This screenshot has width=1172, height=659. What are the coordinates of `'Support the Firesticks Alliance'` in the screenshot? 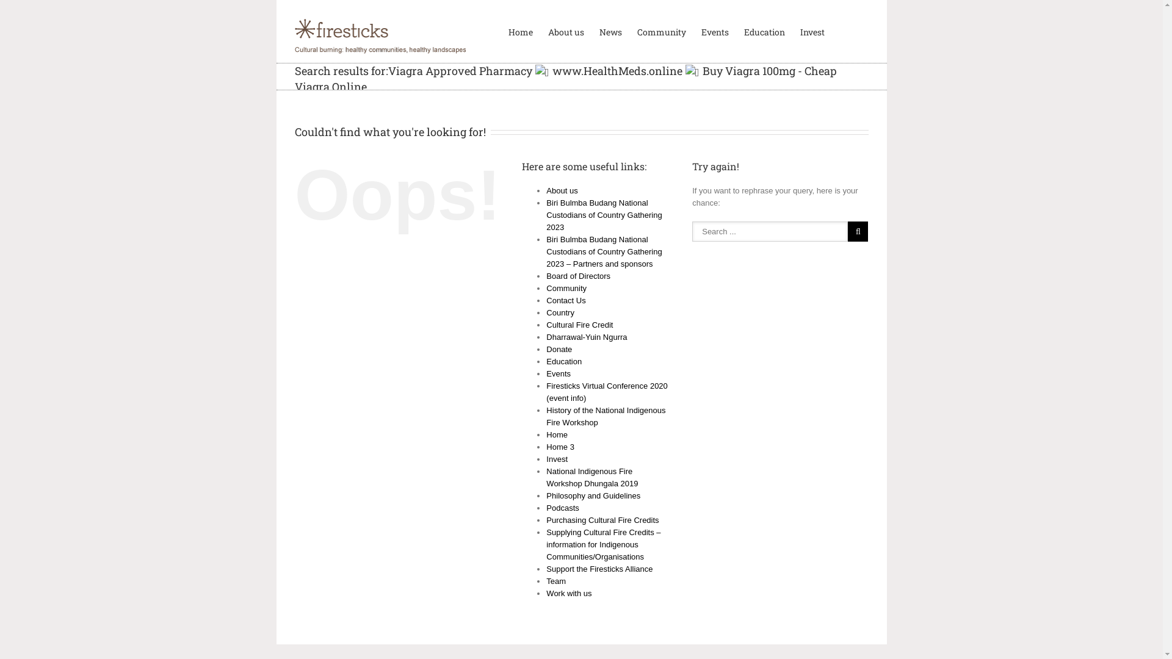 It's located at (599, 569).